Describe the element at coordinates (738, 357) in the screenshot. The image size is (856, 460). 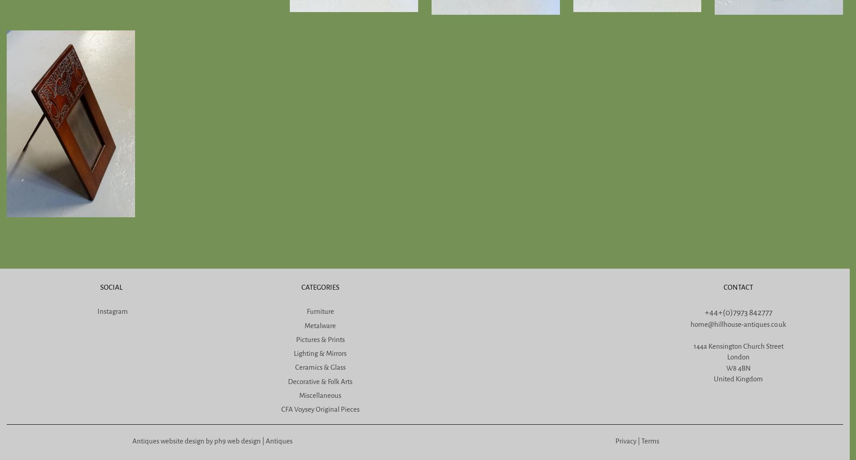
I see `'London'` at that location.